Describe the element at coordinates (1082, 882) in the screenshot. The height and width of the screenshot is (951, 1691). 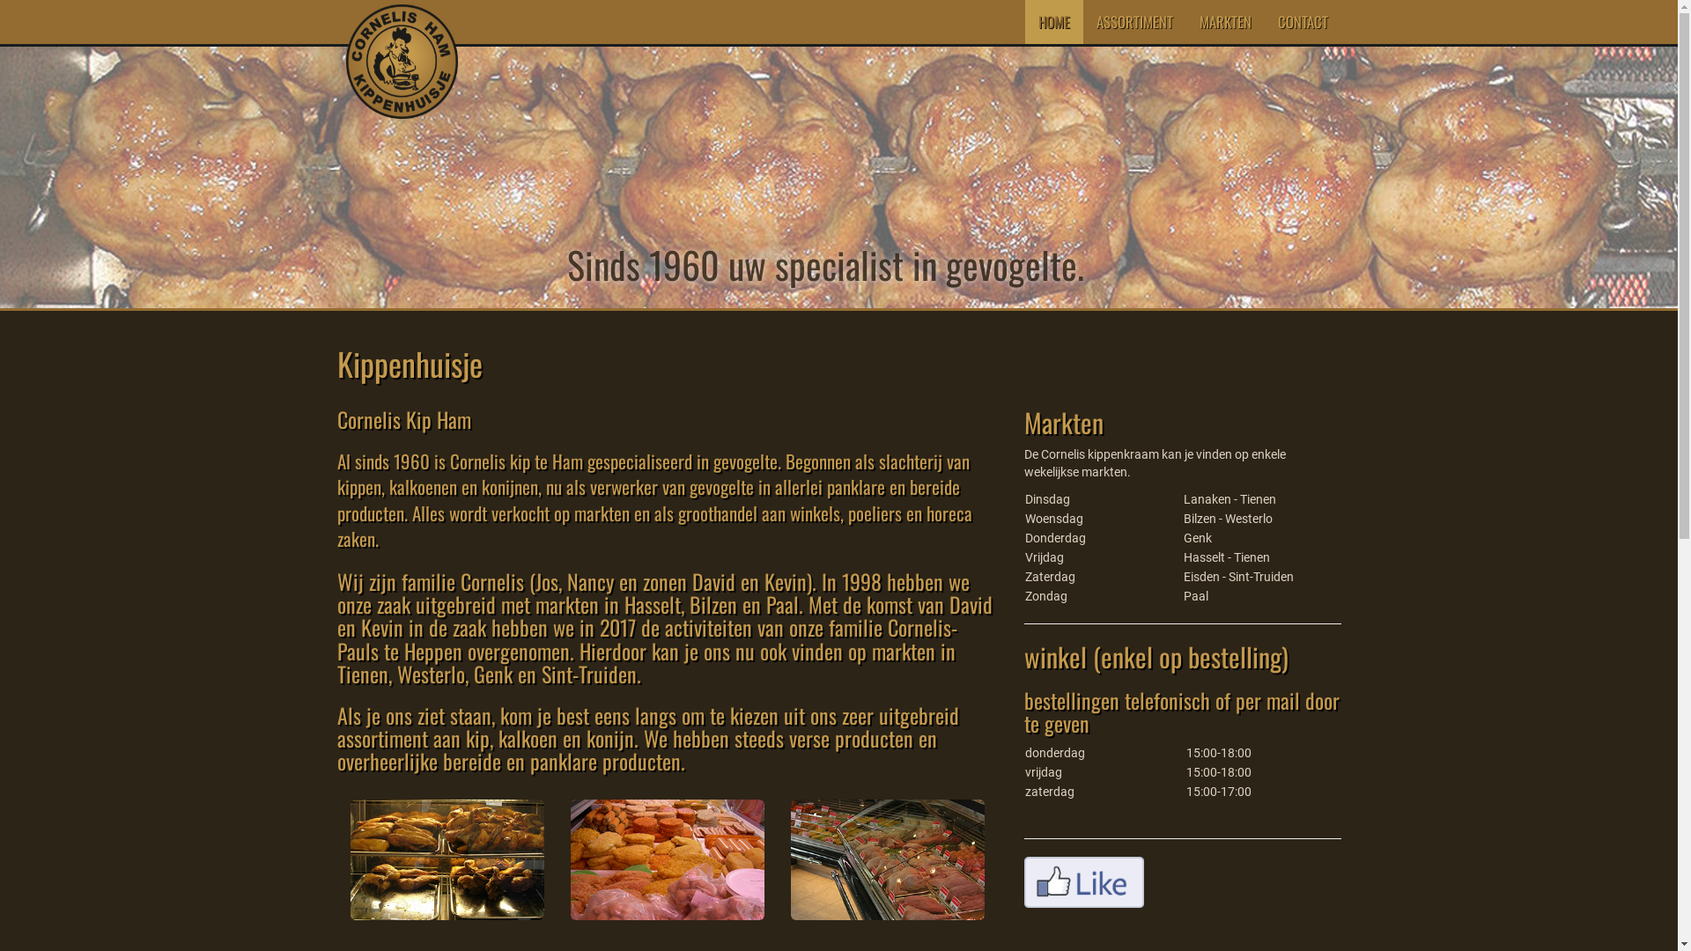
I see `'facebook like'` at that location.